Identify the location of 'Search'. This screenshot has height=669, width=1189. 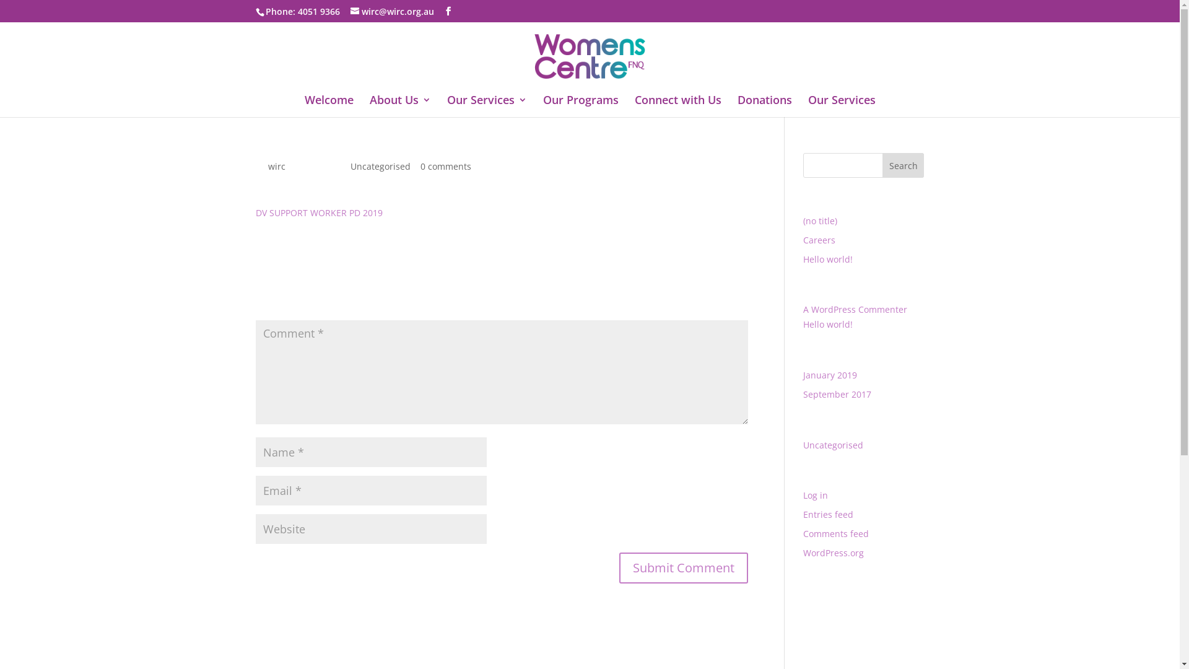
(882, 164).